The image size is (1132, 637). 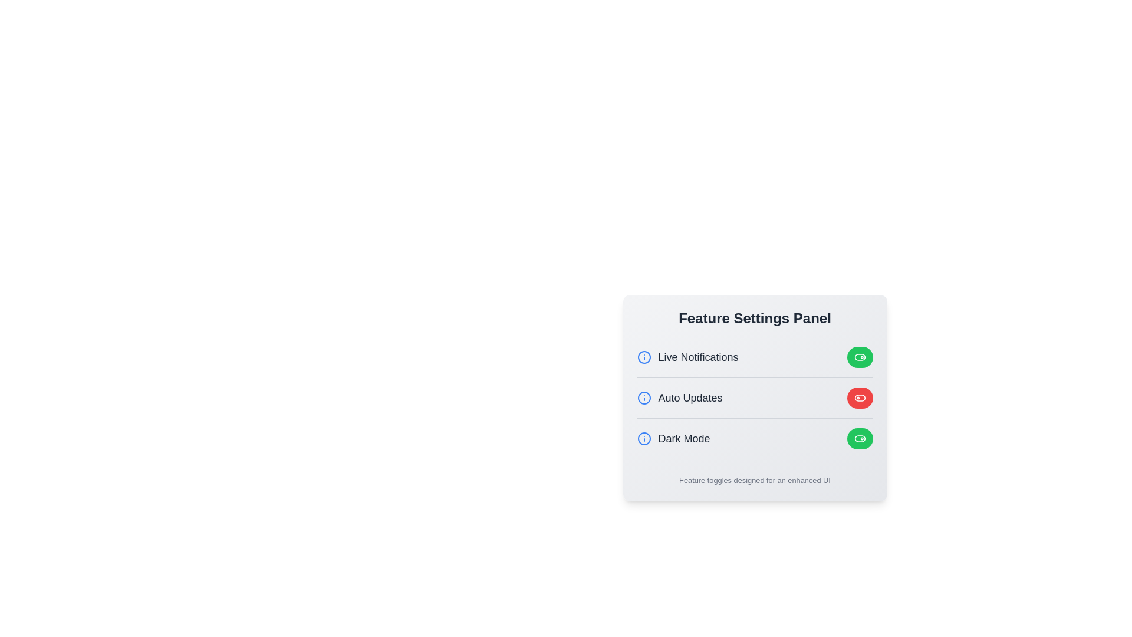 What do you see at coordinates (643, 439) in the screenshot?
I see `the 'Info' icon next to the feature Dark Mode to view its information` at bounding box center [643, 439].